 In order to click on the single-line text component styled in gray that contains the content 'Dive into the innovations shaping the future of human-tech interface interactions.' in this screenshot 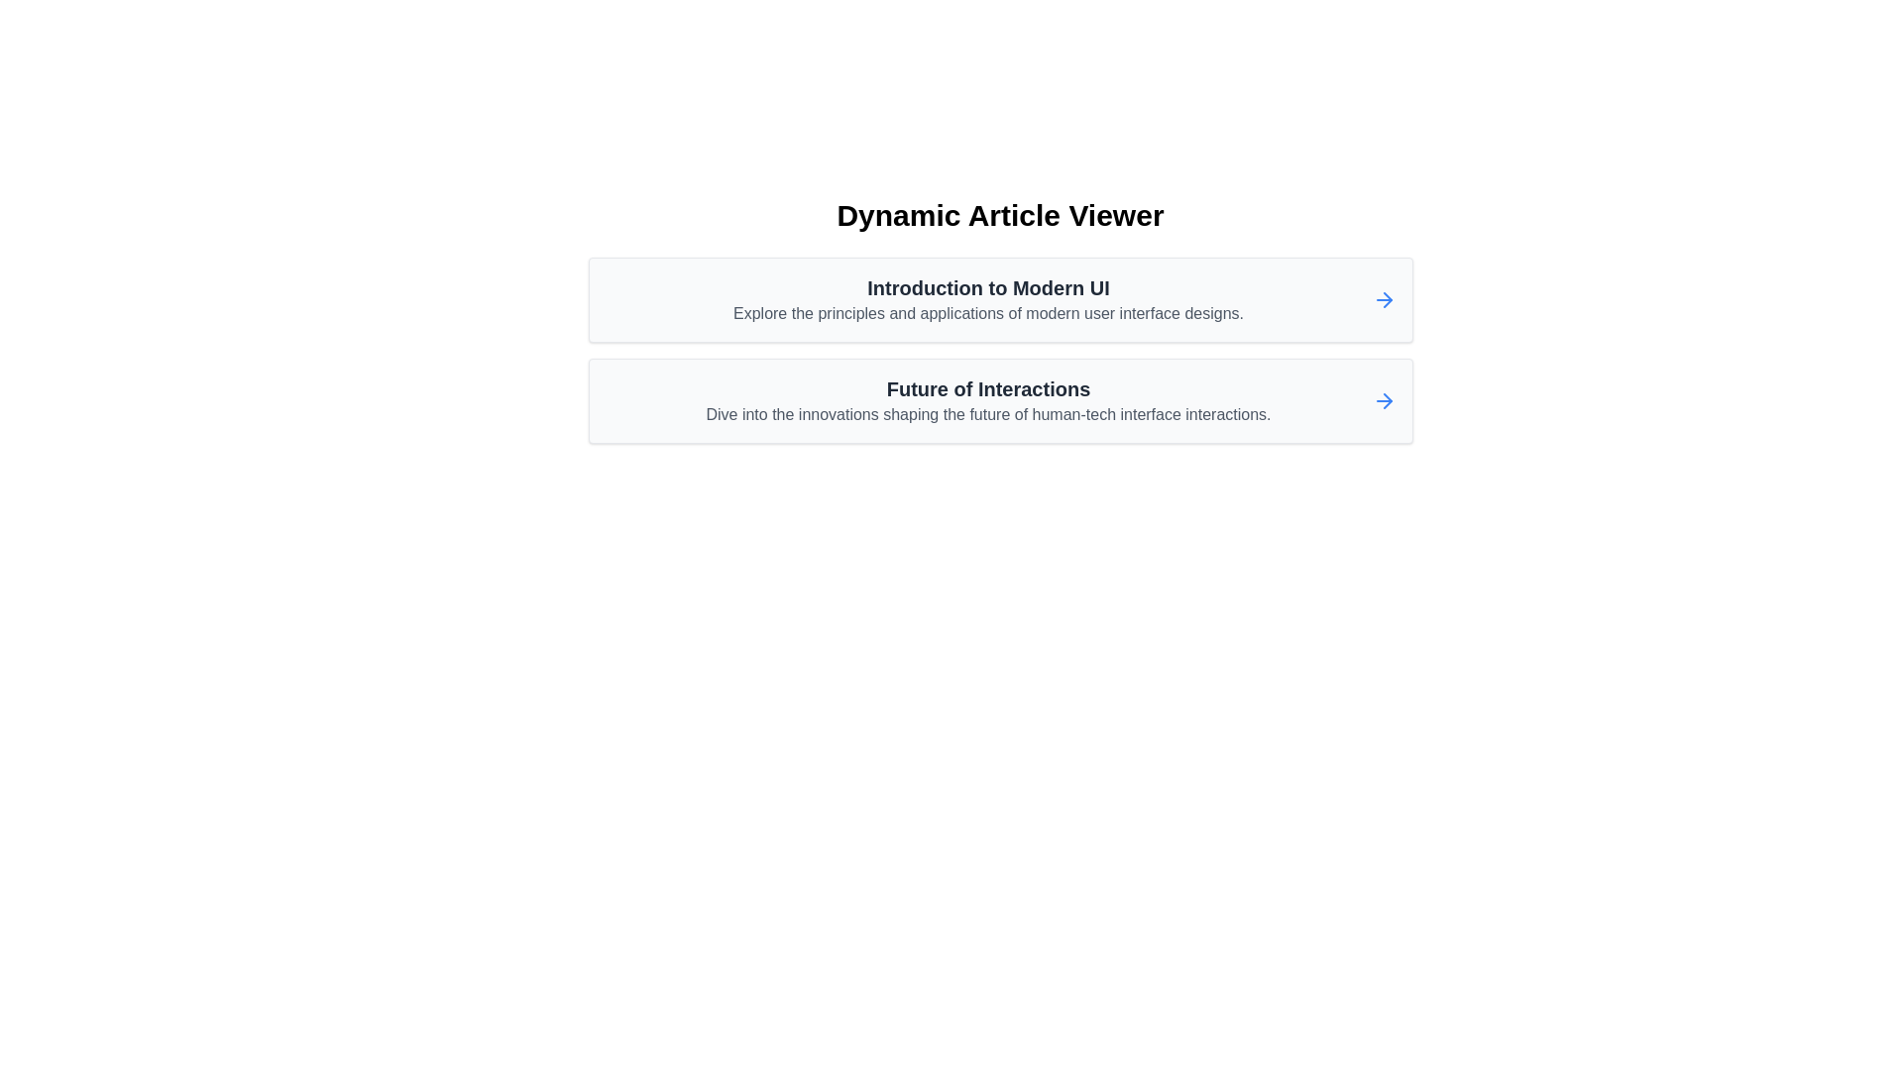, I will do `click(988, 414)`.